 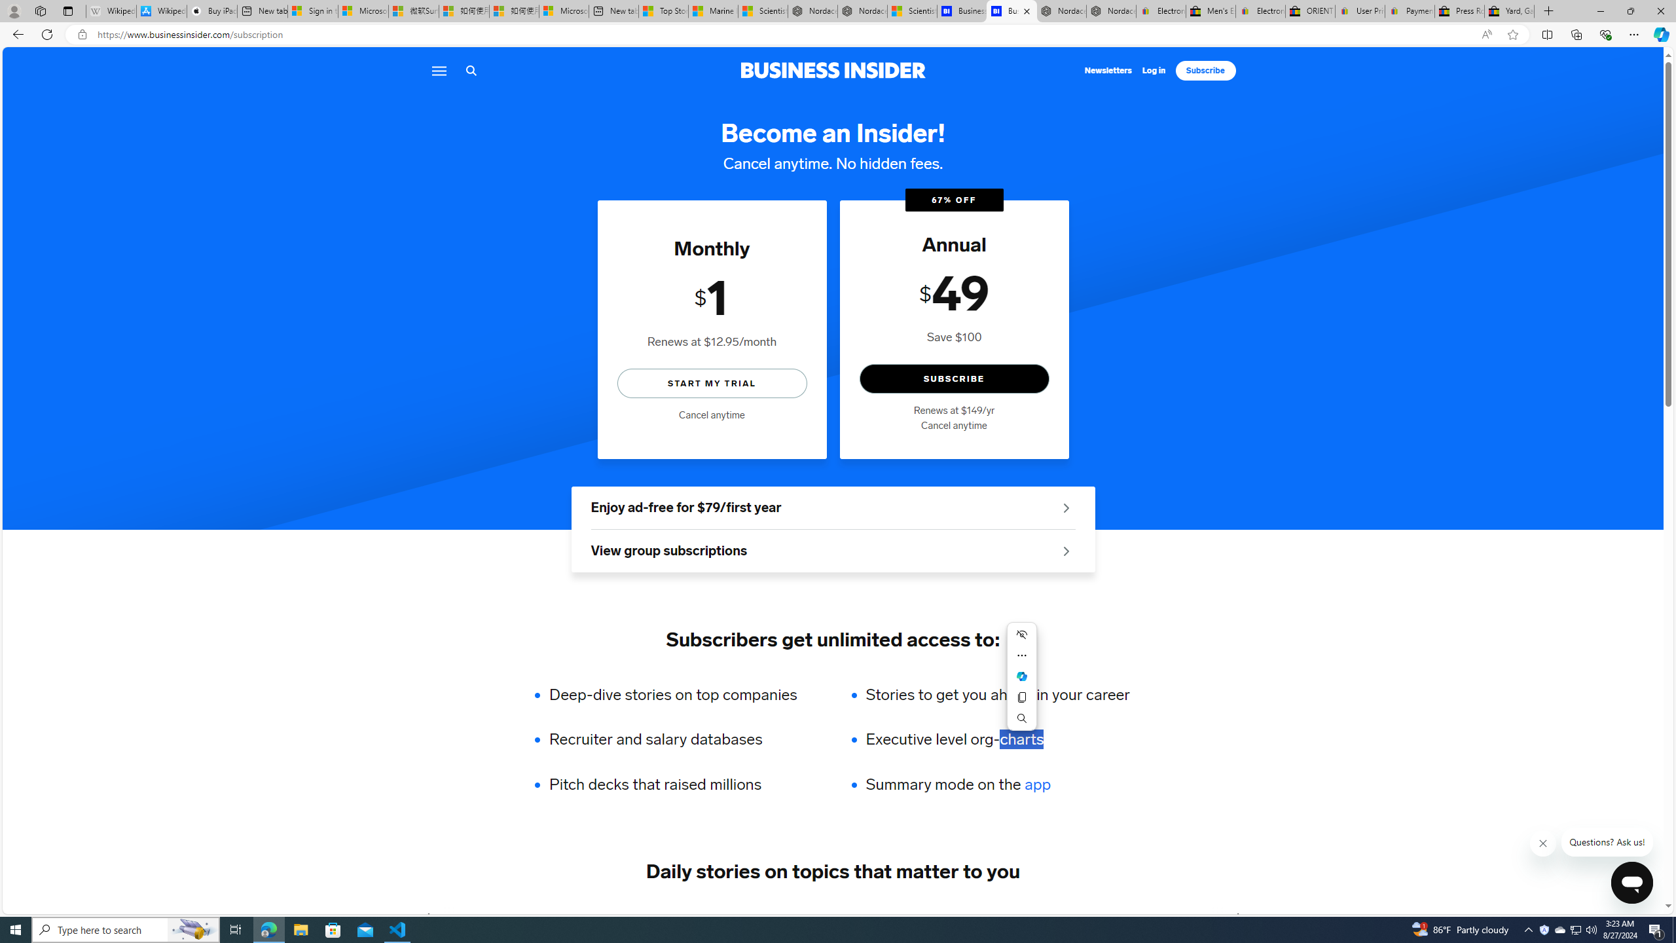 I want to click on 'Nordace - Summer Adventures 2024', so click(x=1061, y=10).